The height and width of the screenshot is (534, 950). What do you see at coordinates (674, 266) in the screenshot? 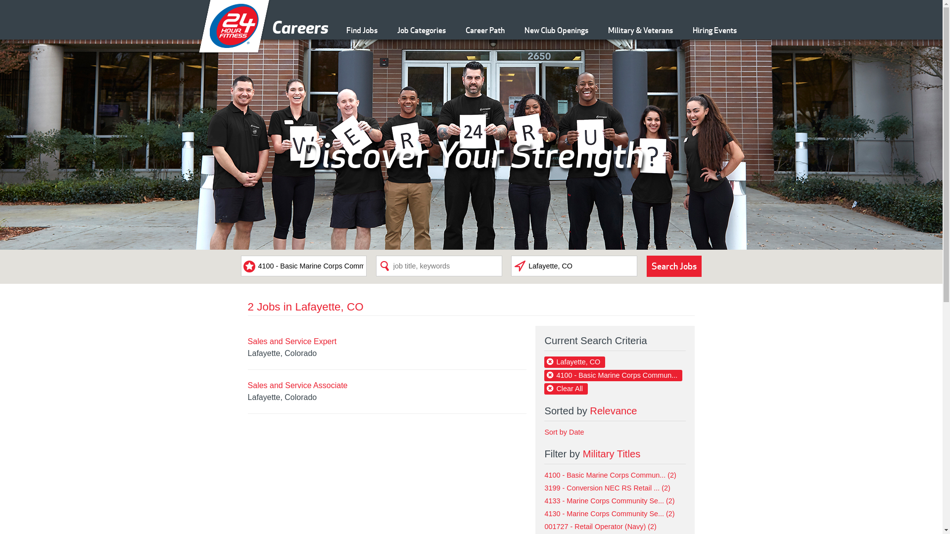
I see `'Submit Search'` at bounding box center [674, 266].